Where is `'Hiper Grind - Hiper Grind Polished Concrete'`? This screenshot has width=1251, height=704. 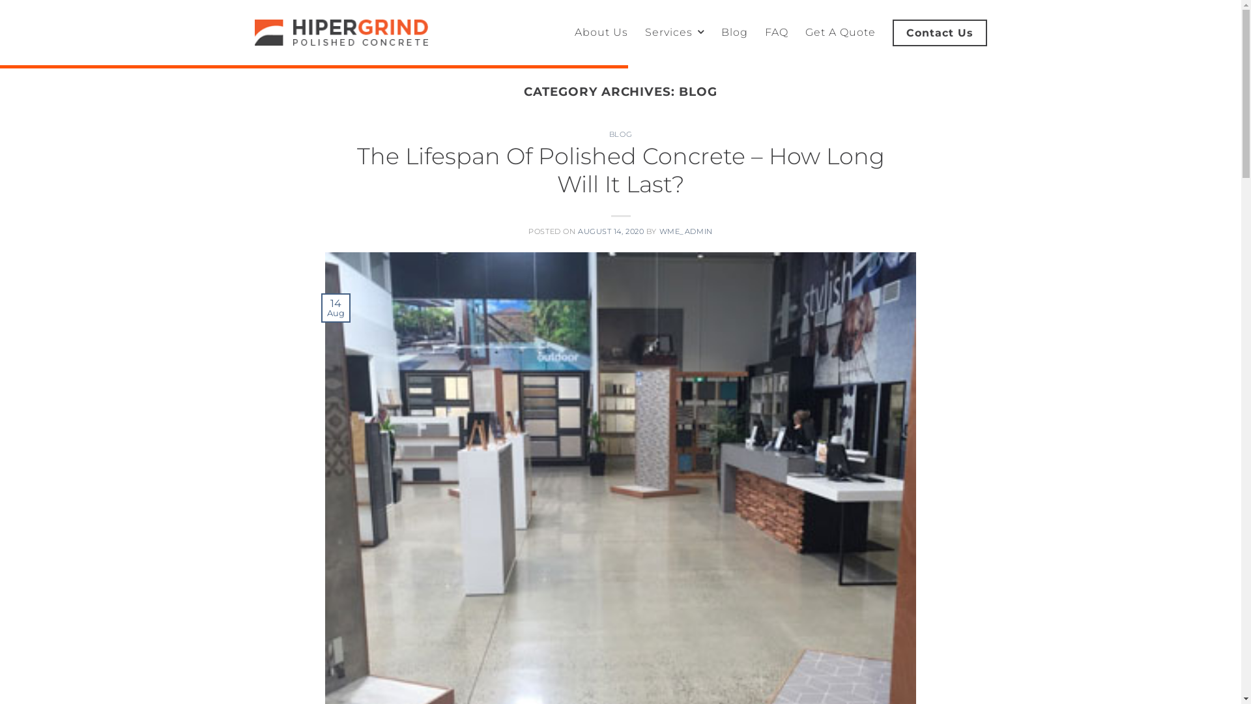
'Hiper Grind - Hiper Grind Polished Concrete' is located at coordinates (341, 32).